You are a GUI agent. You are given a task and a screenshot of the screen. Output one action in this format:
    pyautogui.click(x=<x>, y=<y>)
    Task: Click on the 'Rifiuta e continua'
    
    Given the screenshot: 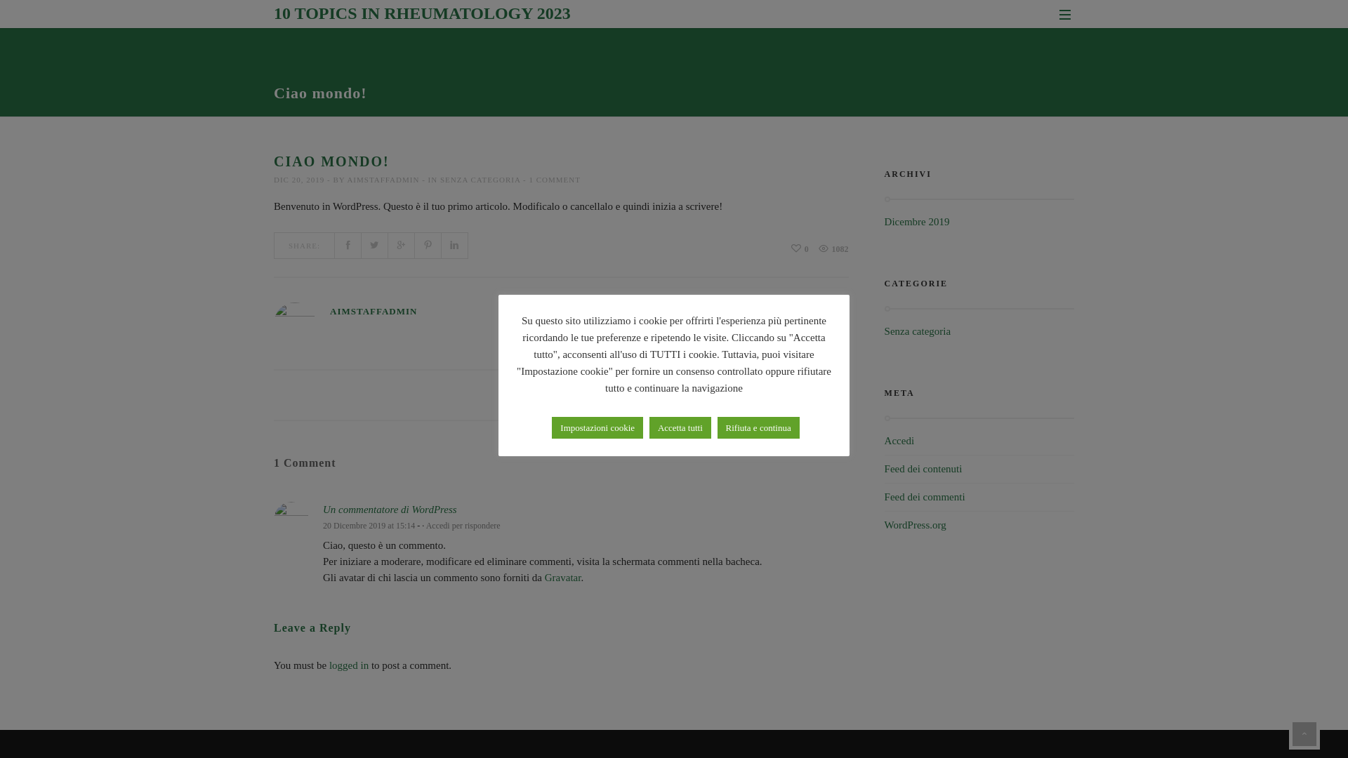 What is the action you would take?
    pyautogui.click(x=758, y=427)
    